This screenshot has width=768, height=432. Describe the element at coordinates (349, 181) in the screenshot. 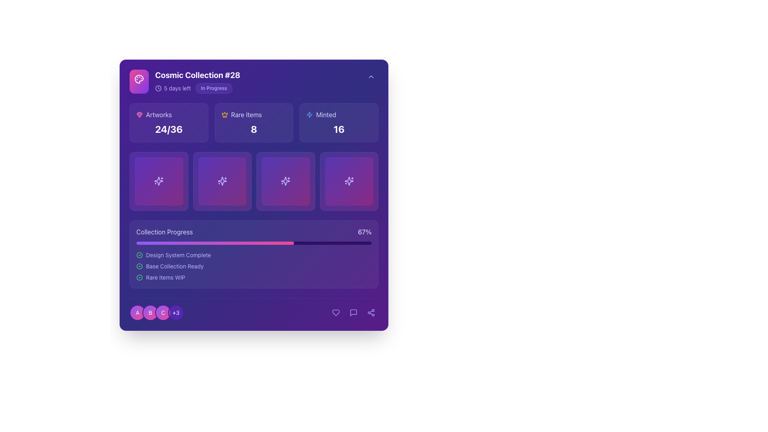

I see `the interactive visual card or grid item with a gradient background from violet to pink, featuring a centered sparkles icon, located as the fourth item in a row of square components, below the Rare Items section` at that location.